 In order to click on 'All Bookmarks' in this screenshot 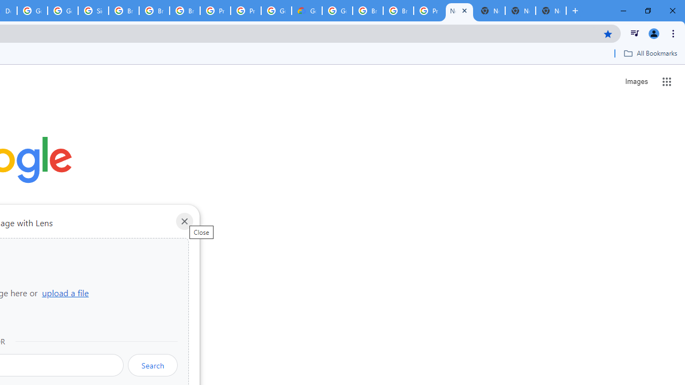, I will do `click(650, 53)`.